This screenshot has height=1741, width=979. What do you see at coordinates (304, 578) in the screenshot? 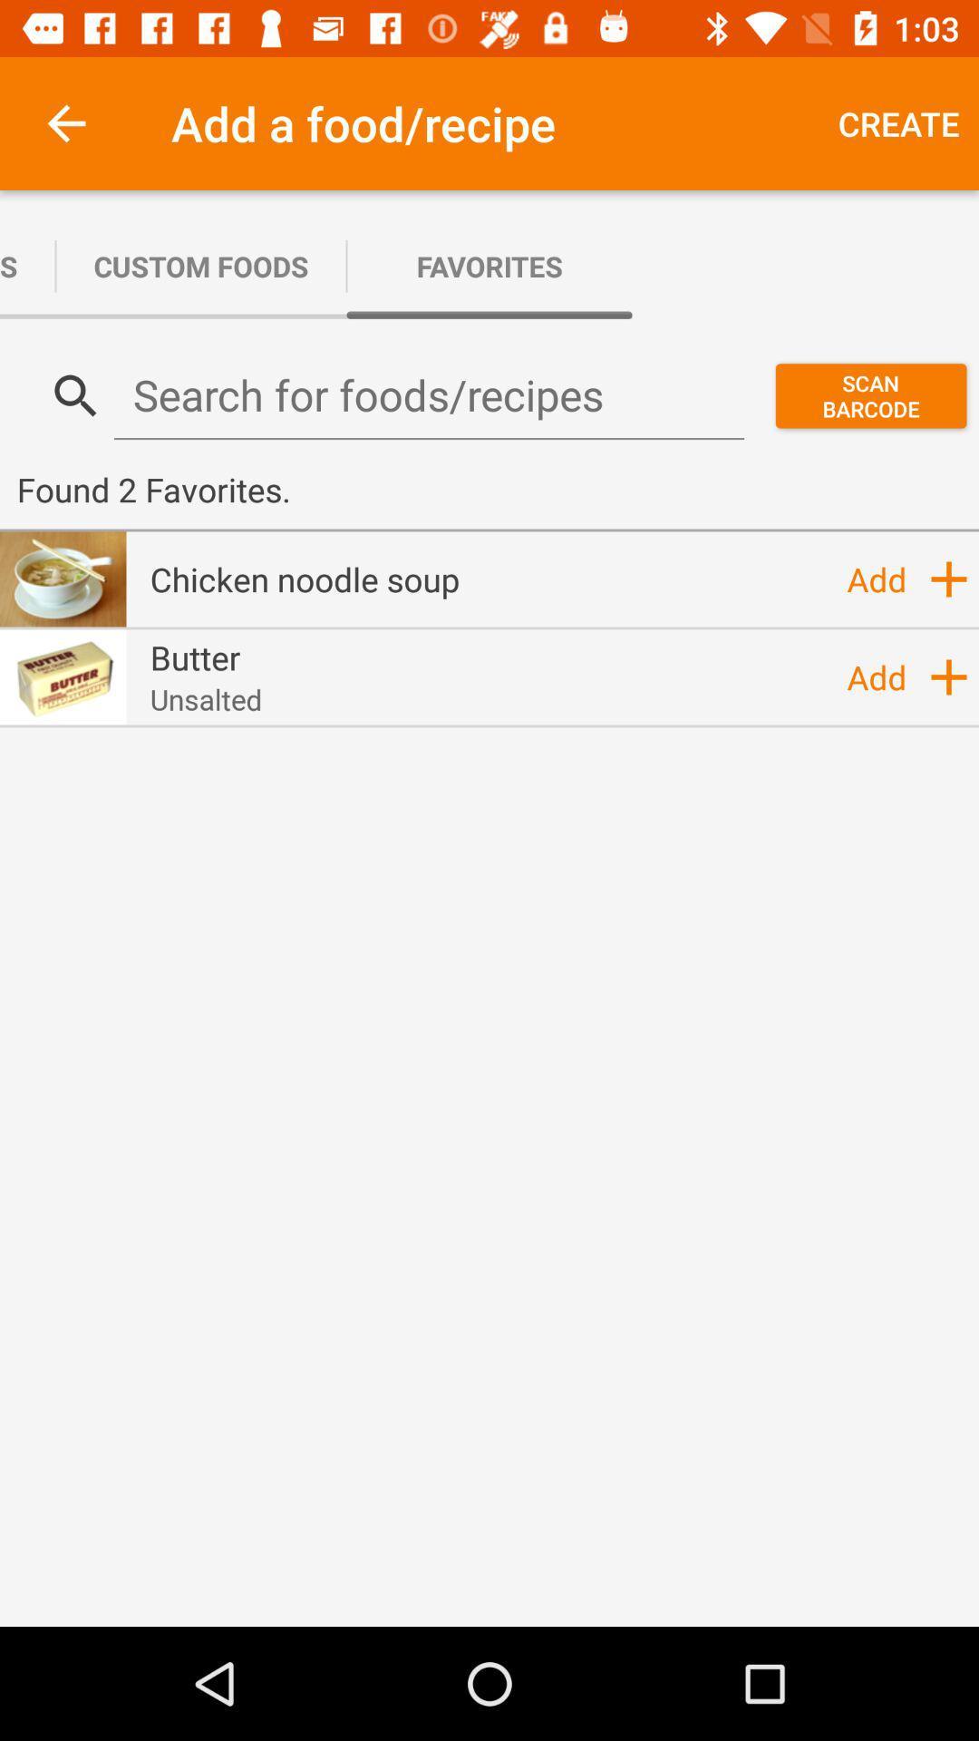
I see `icon next to add item` at bounding box center [304, 578].